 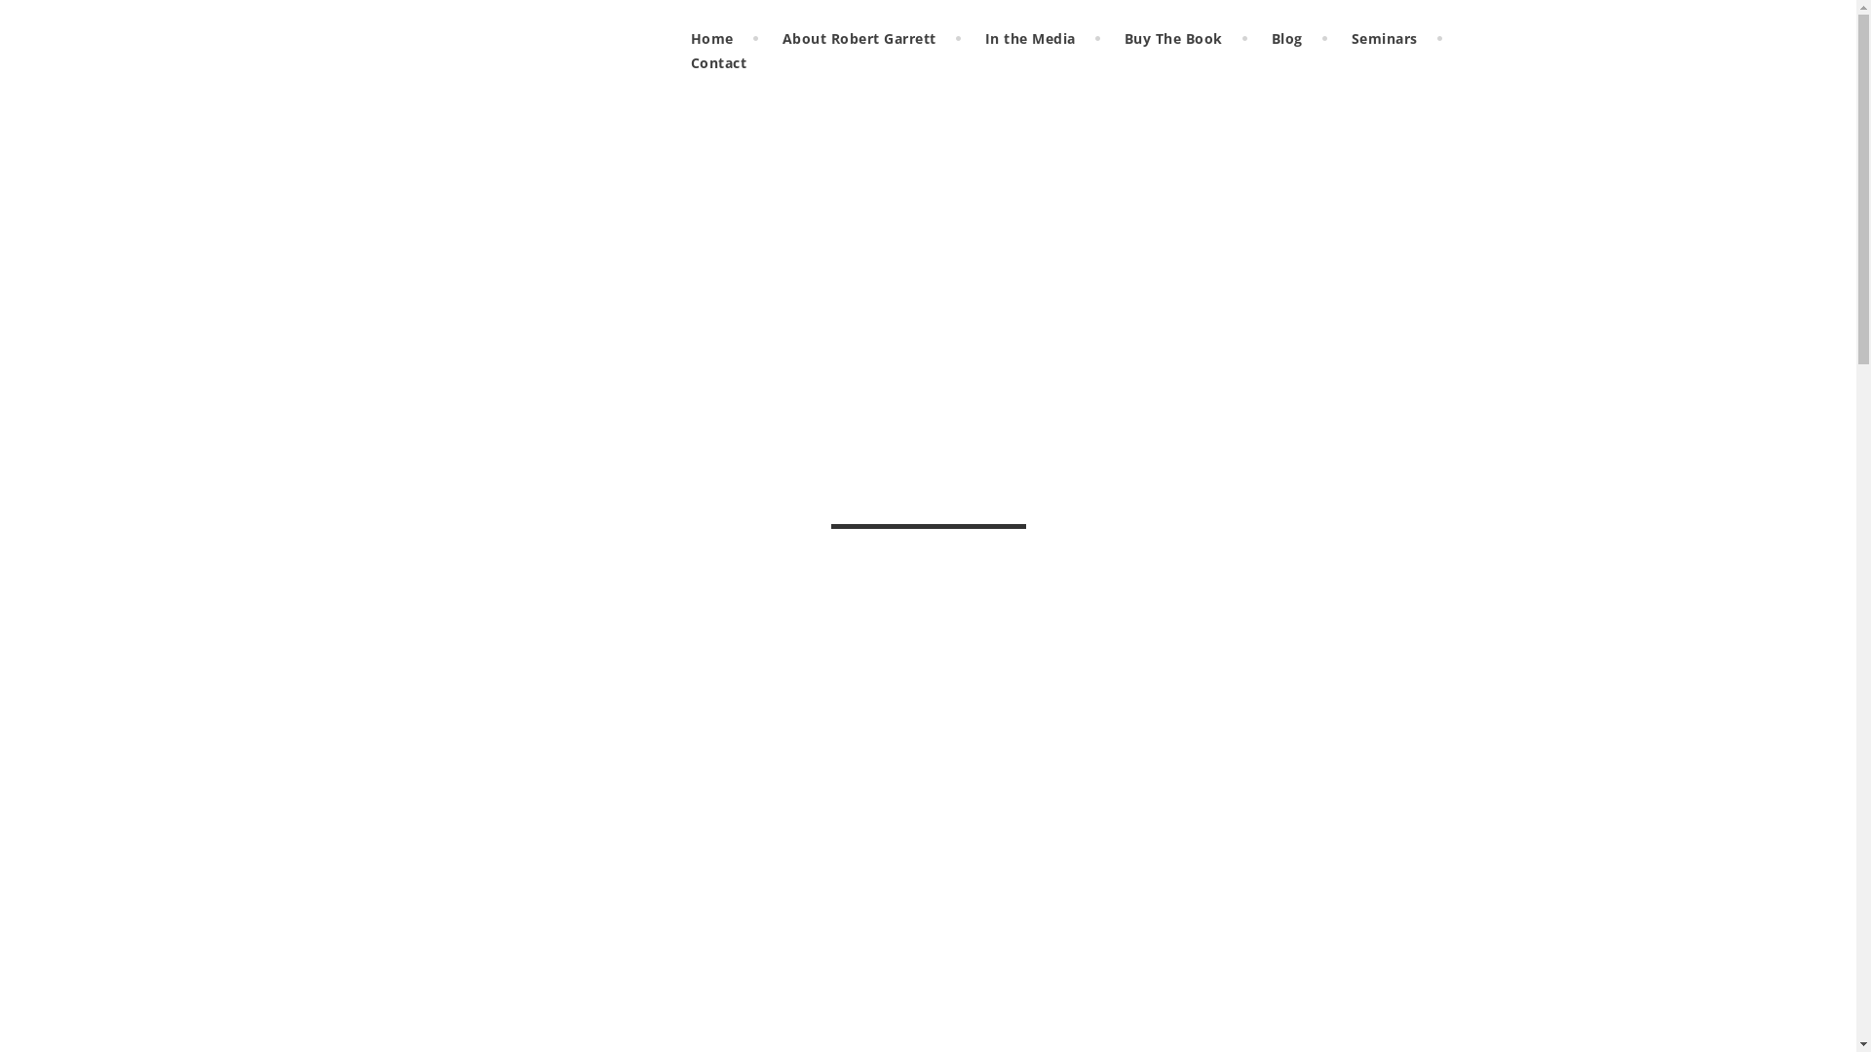 I want to click on 'Contact', so click(x=718, y=61).